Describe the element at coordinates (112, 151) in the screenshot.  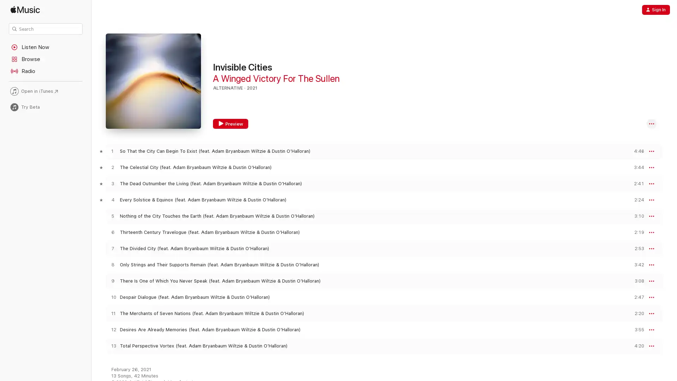
I see `Play` at that location.